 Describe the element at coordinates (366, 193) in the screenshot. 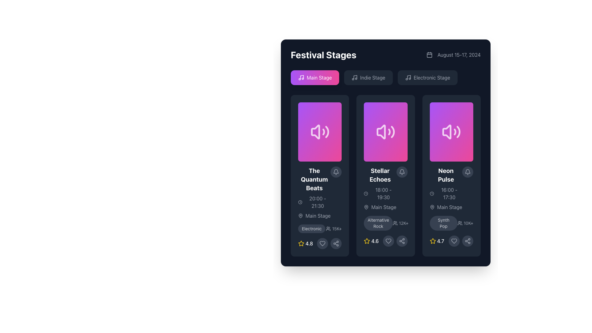

I see `the outer circular part of the clock icon located in the second card, above the text '18:00 - 19:30'` at that location.